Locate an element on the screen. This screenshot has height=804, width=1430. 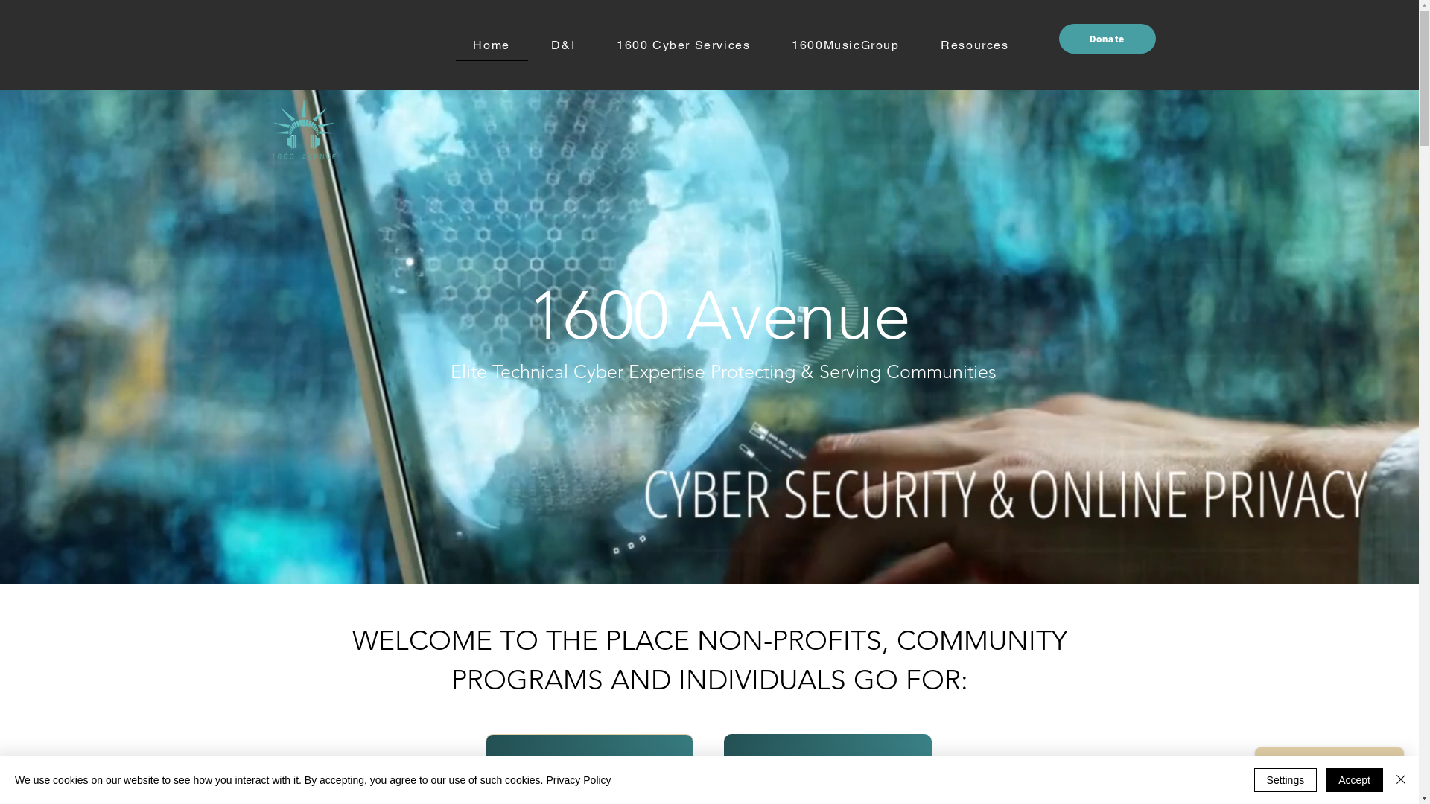
'Privacy Policy' is located at coordinates (577, 779).